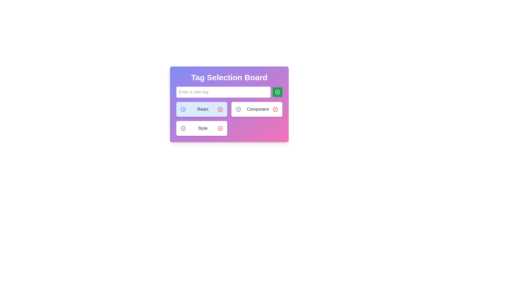  Describe the element at coordinates (220, 128) in the screenshot. I see `the red circular button with an 'x' icon located adjacent to the 'Style' text label` at that location.